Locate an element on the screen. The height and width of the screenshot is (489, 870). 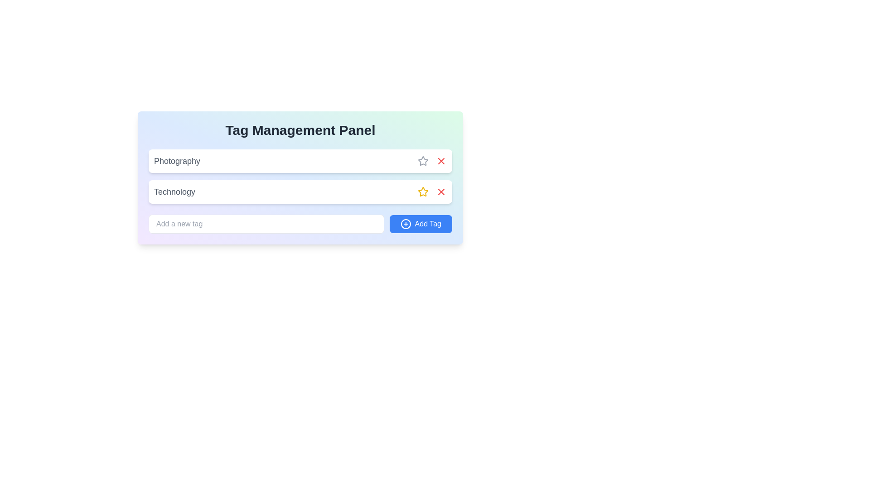
text label displaying the word 'Technology' which is styled in a large, medium weight, gray font and located in the second row of entries within a panel is located at coordinates (174, 192).